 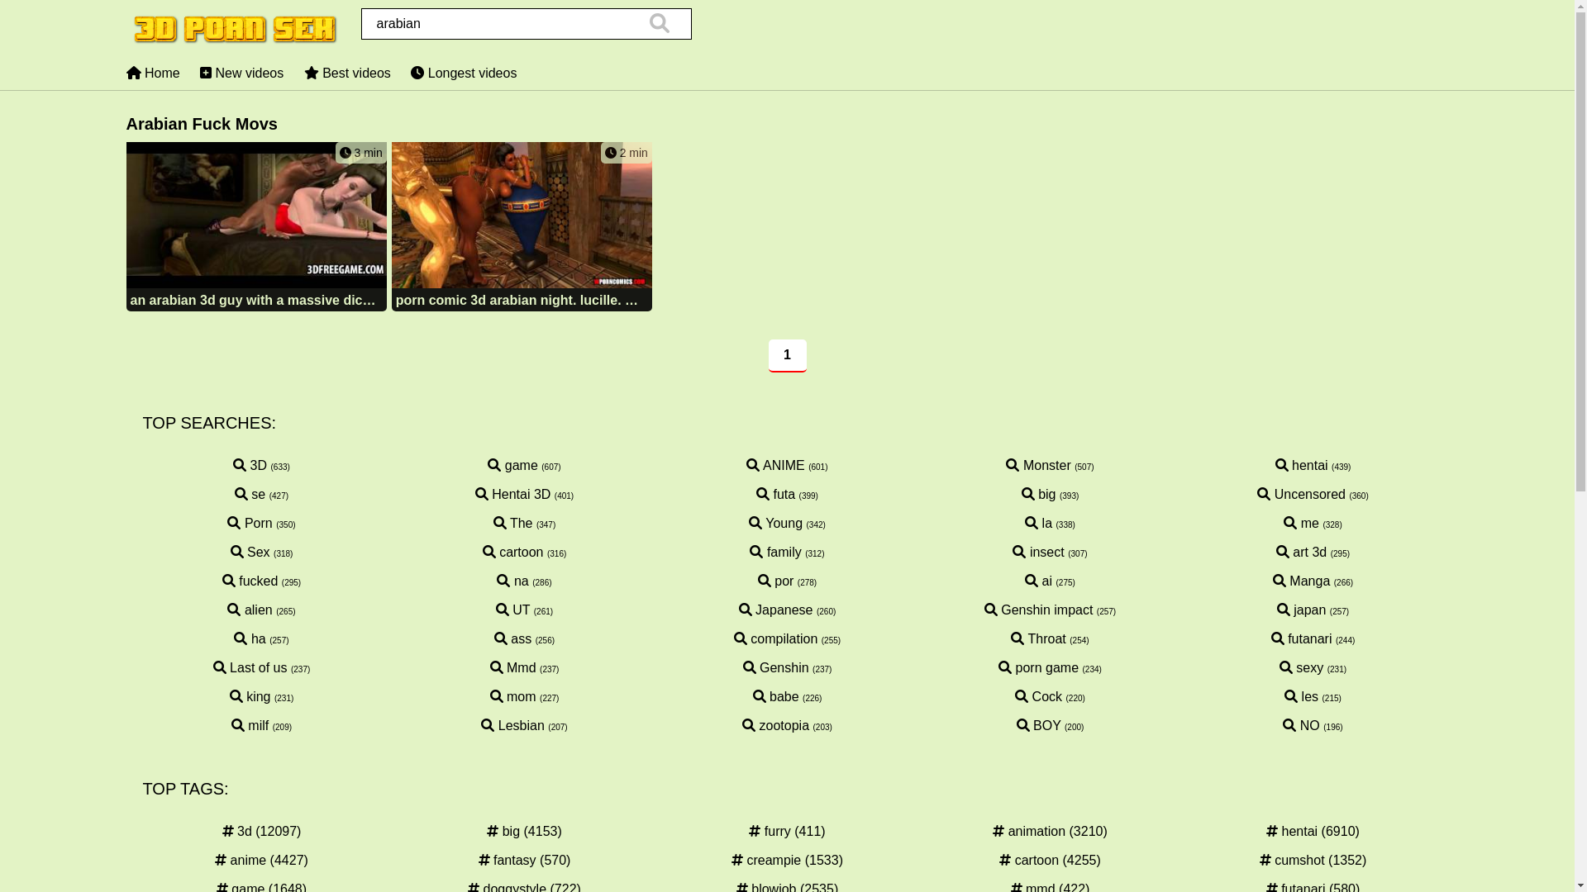 I want to click on 'Last of us', so click(x=249, y=667).